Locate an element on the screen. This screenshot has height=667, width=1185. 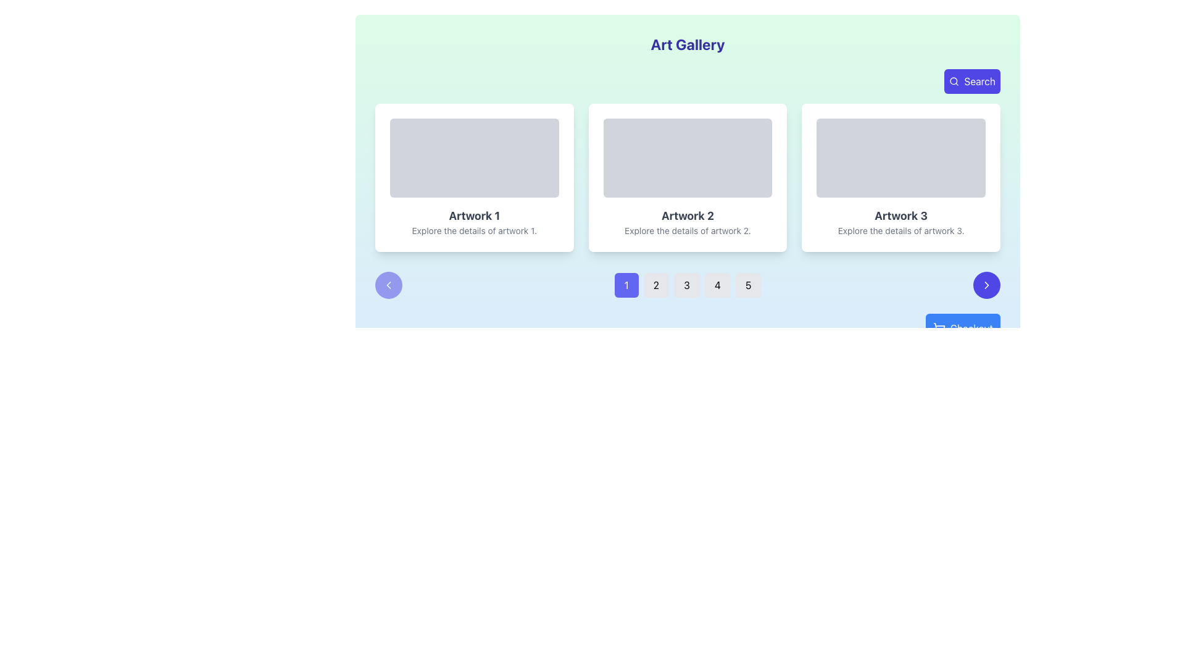
the circular indigo button with a rightward-pointing chevron icon is located at coordinates (986, 285).